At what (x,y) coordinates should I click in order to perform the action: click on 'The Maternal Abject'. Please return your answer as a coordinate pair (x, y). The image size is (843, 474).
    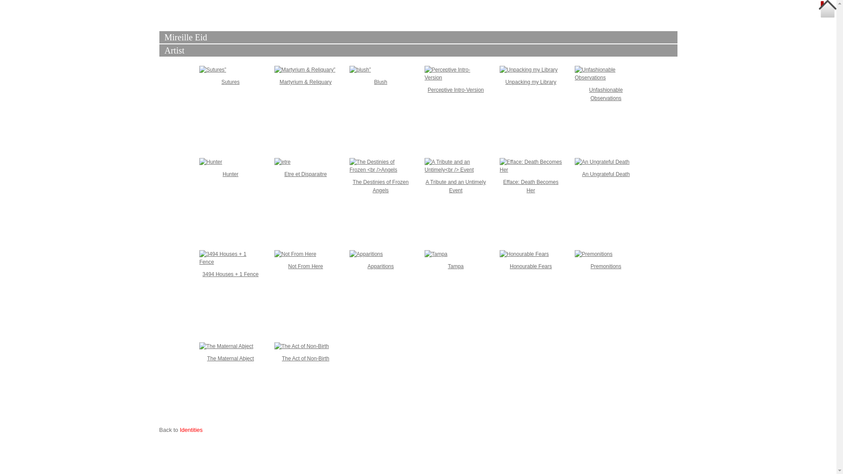
    Looking at the image, I should click on (231, 359).